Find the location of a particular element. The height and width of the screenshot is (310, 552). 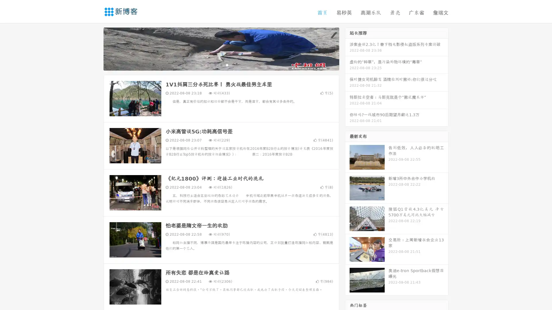

Go to slide 3 is located at coordinates (227, 65).